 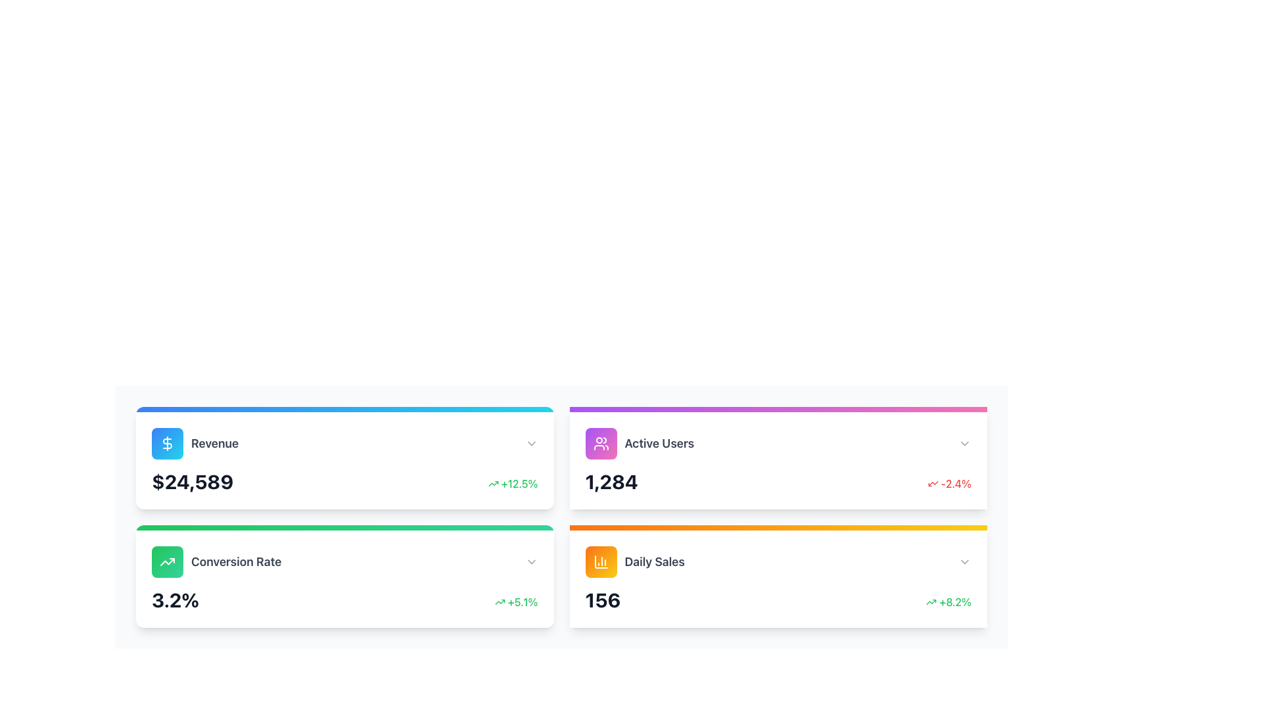 I want to click on the collapsible icon positioned at the top-right corner of the 'Revenue' section, so click(x=531, y=444).